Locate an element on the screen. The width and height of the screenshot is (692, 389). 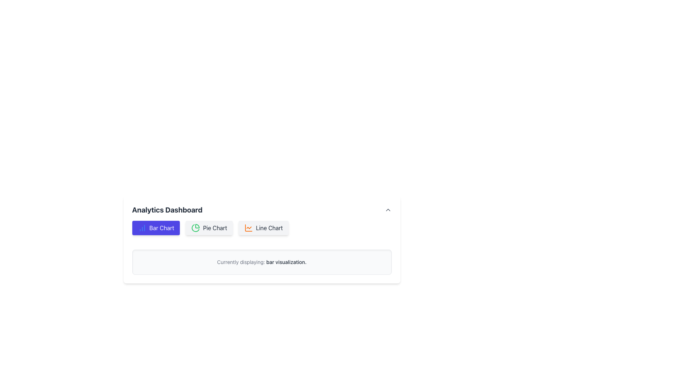
the segmented control button located centrally below the 'Analytics Dashboard' header is located at coordinates (261, 228).